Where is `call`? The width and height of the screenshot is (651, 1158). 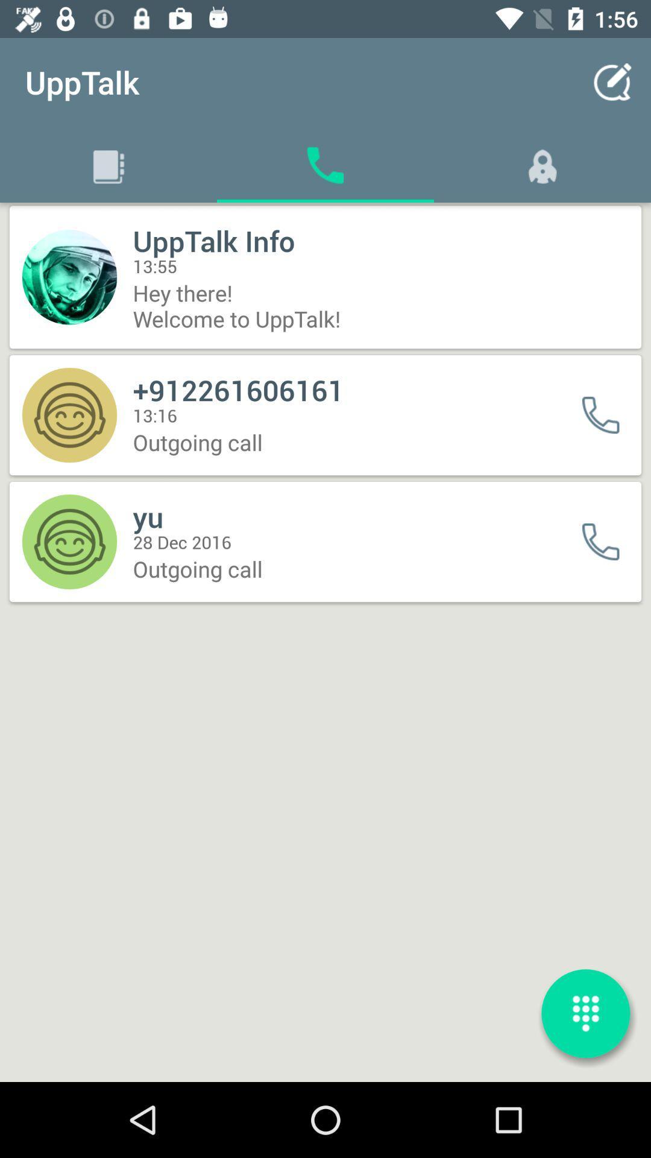 call is located at coordinates (608, 541).